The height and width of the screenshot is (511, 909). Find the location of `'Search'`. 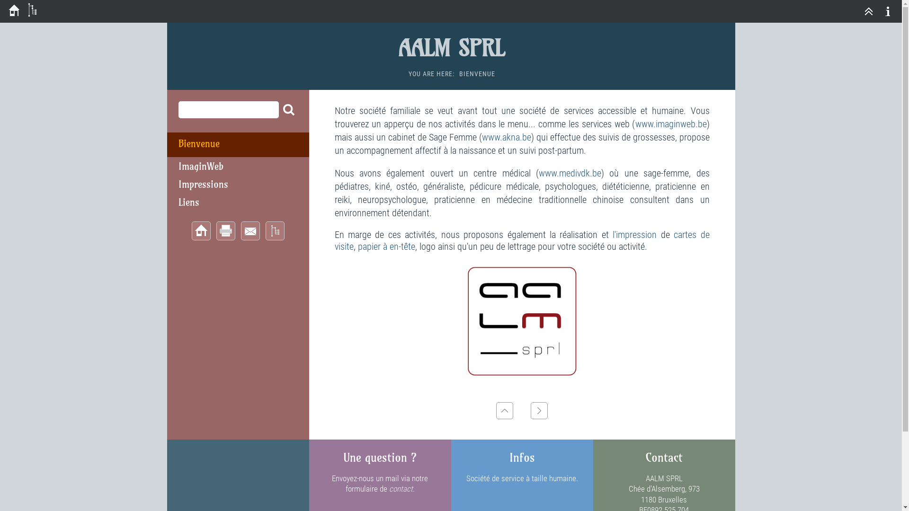

'Search' is located at coordinates (287, 109).